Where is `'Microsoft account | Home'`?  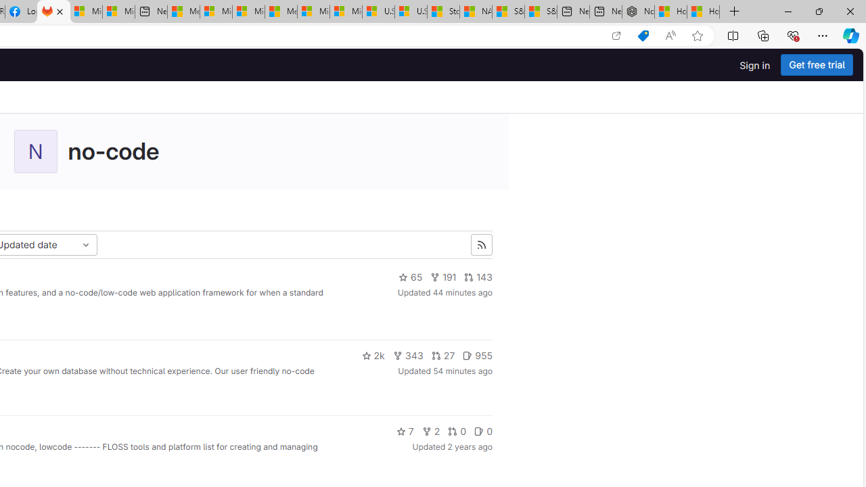 'Microsoft account | Home' is located at coordinates (248, 11).